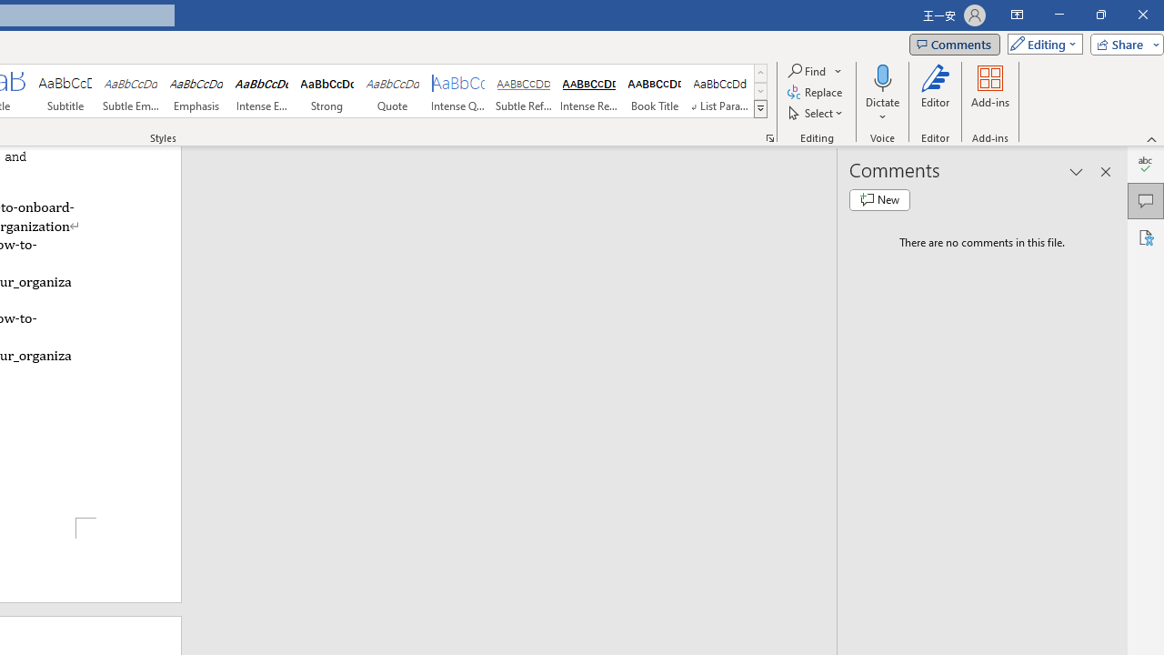 This screenshot has width=1164, height=655. Describe the element at coordinates (1099, 15) in the screenshot. I see `'Restore Down'` at that location.